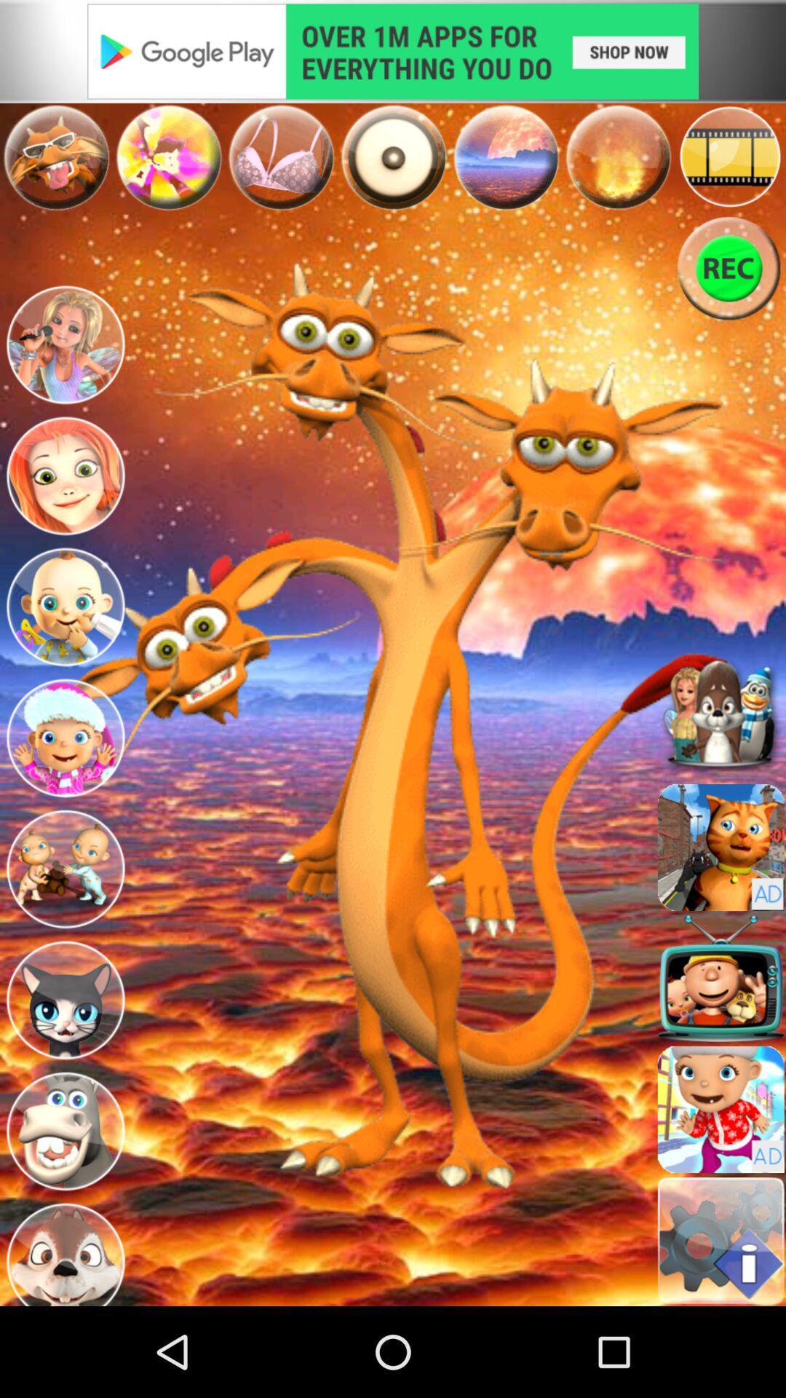 Image resolution: width=786 pixels, height=1398 pixels. What do you see at coordinates (64, 371) in the screenshot?
I see `the avatar icon` at bounding box center [64, 371].